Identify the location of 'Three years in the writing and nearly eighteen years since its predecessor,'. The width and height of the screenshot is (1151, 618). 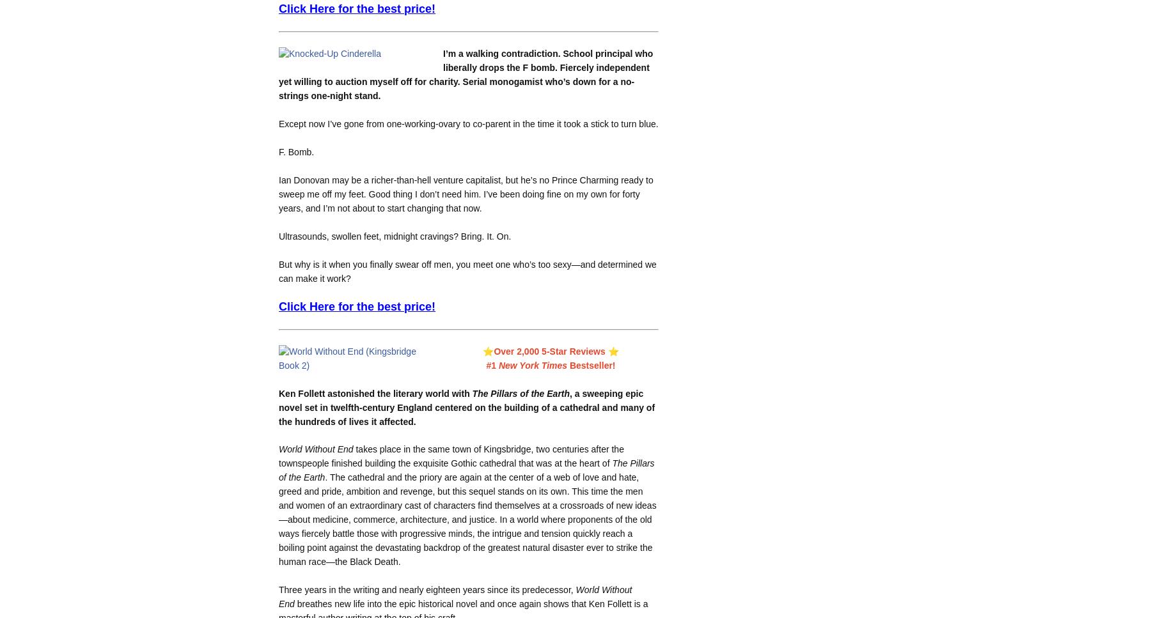
(427, 590).